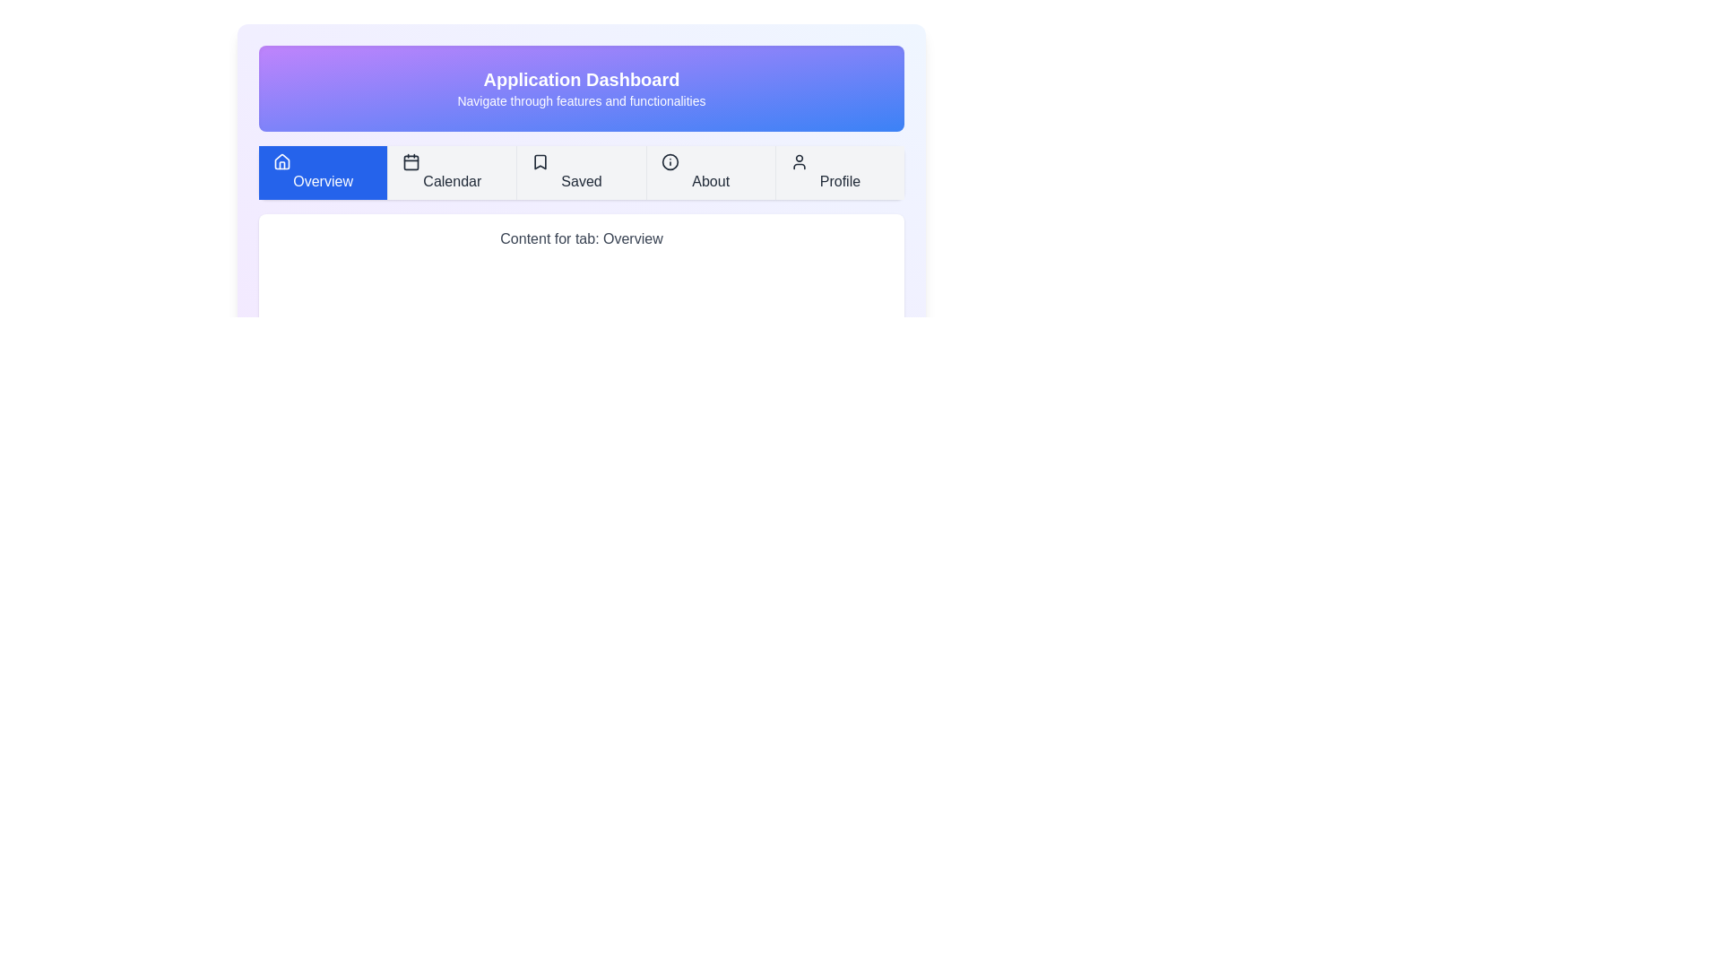  Describe the element at coordinates (581, 100) in the screenshot. I see `the static text label that displays 'Navigate through features and functionalities', which is positioned below the 'Application Dashboard' header in a gradient background` at that location.